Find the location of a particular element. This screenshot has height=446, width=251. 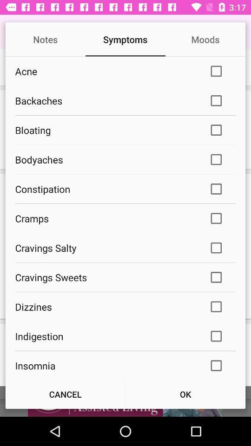

the indigestion icon is located at coordinates (105, 335).